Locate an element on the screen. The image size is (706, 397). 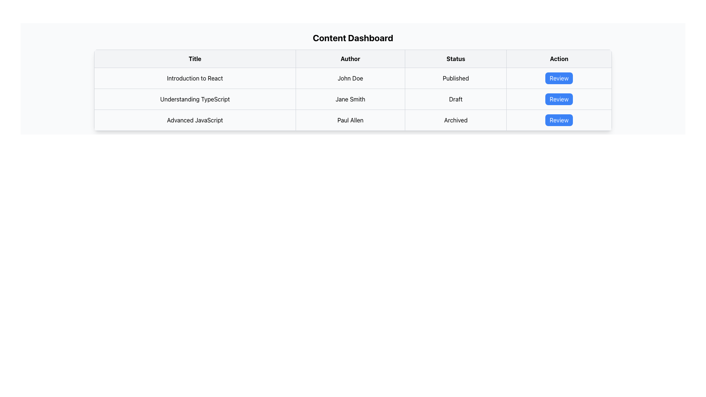
the static text cell displaying 'Jane Smith' in the 'Author' column of the table for the row titled 'Understanding TypeScript' is located at coordinates (350, 99).